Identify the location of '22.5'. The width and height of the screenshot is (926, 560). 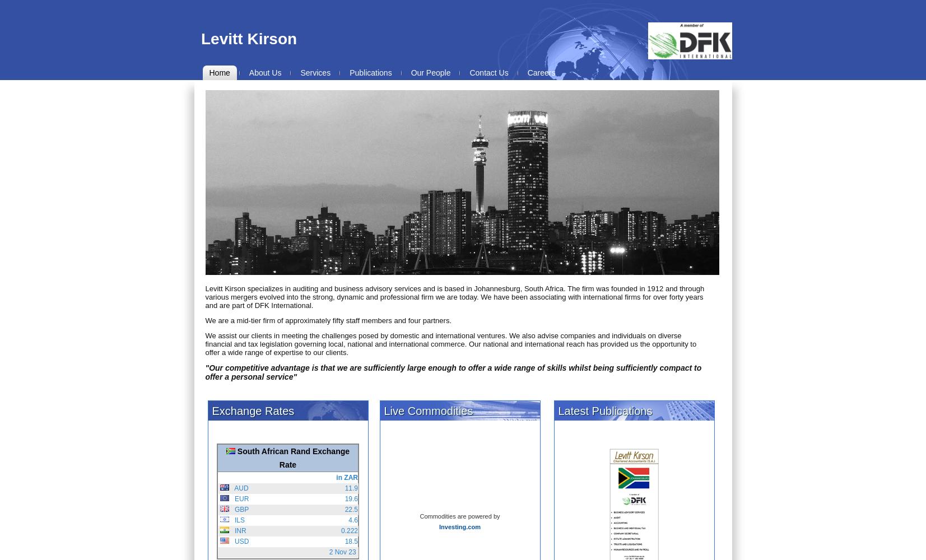
(350, 510).